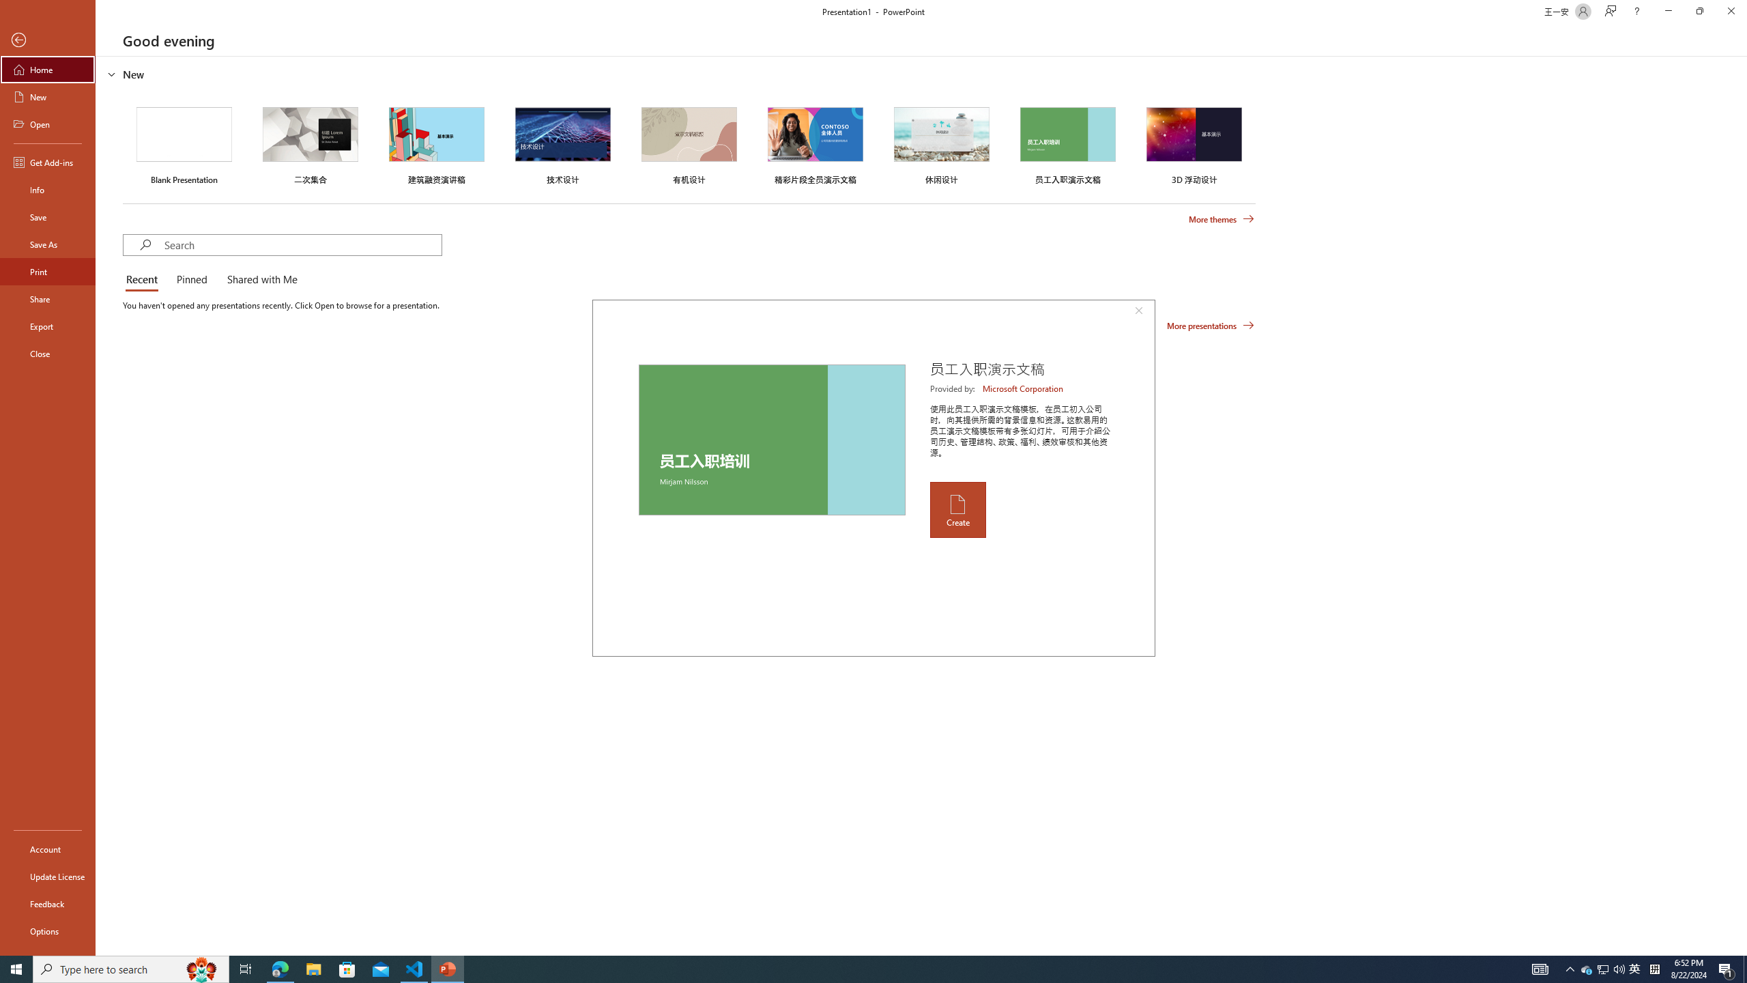 The image size is (1747, 983). Describe the element at coordinates (1210, 324) in the screenshot. I see `'More presentations'` at that location.